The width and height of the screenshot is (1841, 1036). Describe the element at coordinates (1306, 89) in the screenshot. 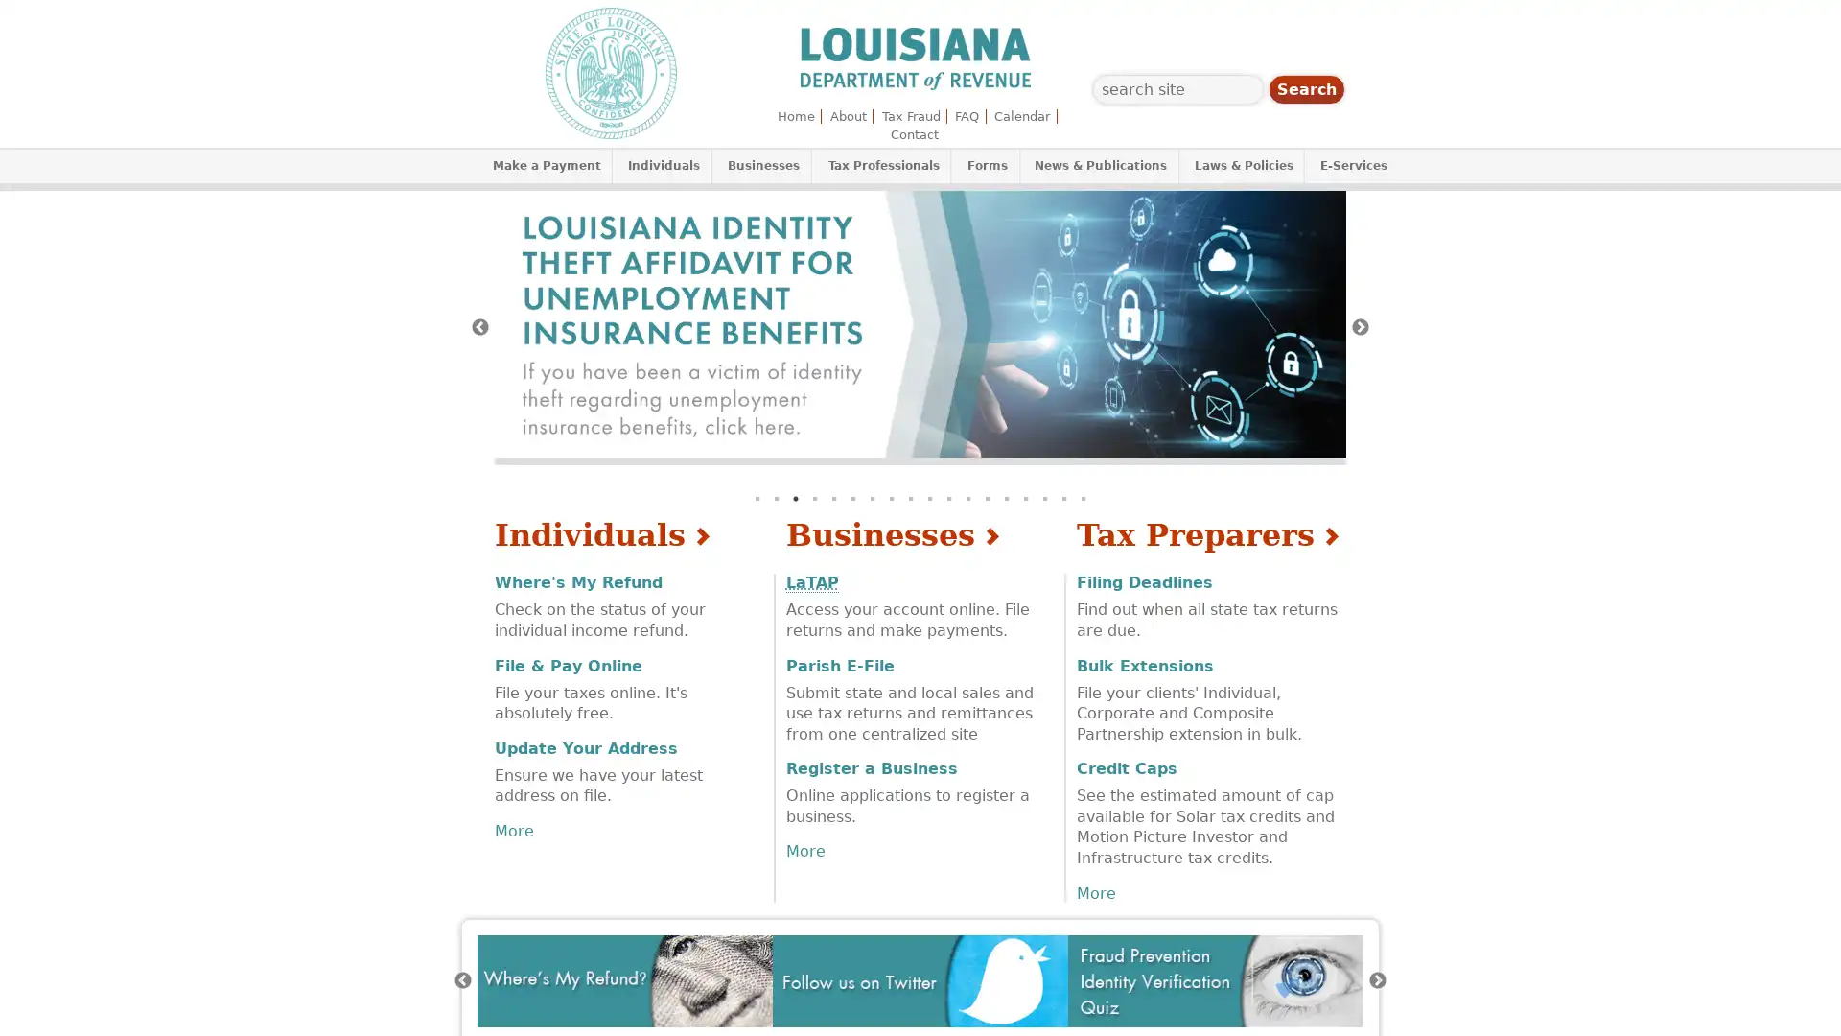

I see `Search` at that location.